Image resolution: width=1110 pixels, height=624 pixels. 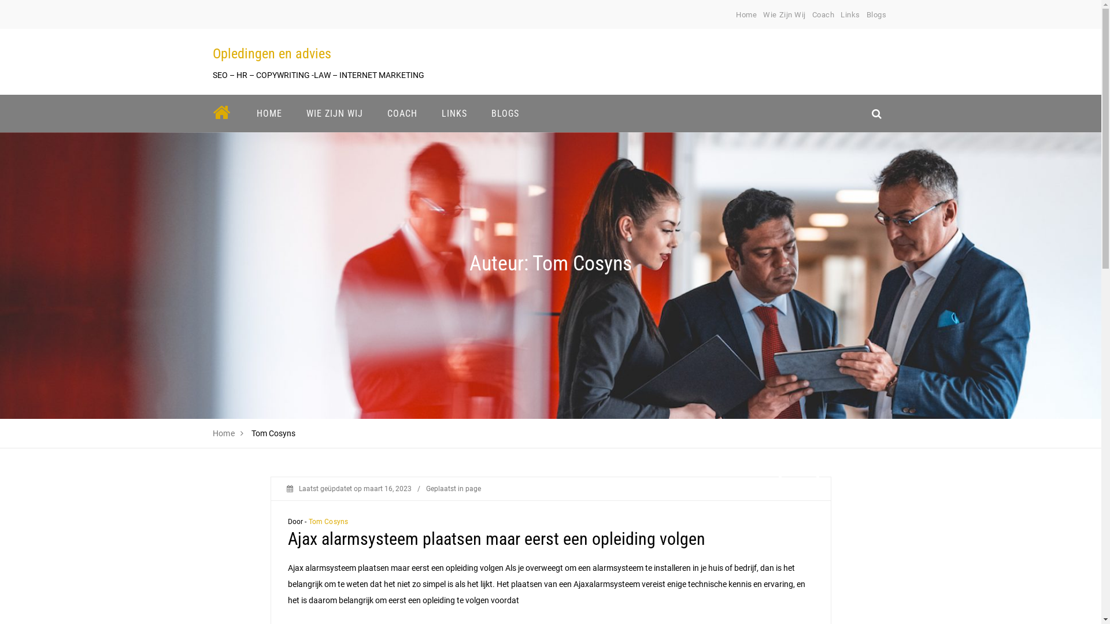 I want to click on 'BLOGS', so click(x=505, y=113).